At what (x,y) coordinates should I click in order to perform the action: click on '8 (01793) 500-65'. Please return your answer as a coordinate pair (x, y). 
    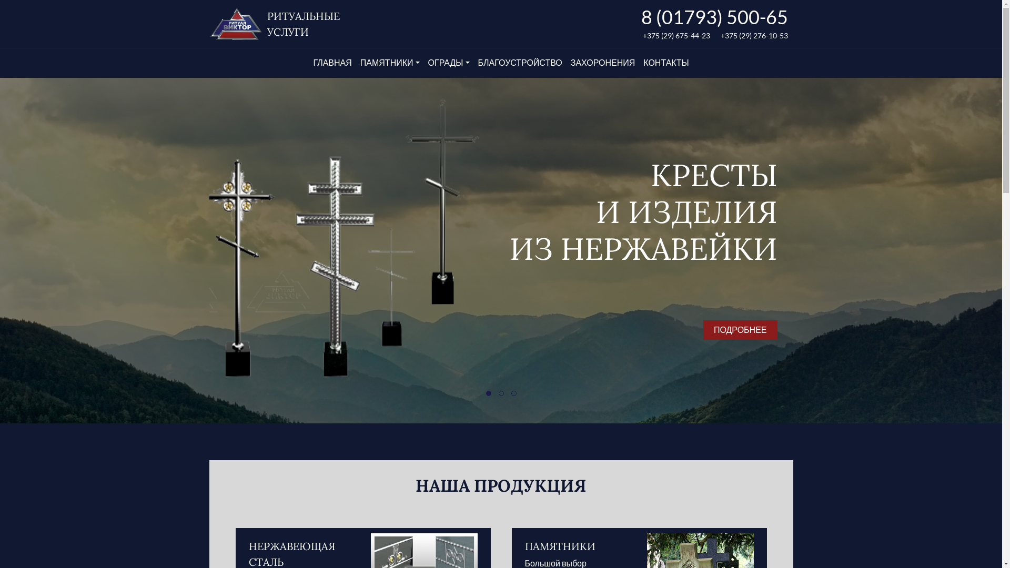
    Looking at the image, I should click on (714, 16).